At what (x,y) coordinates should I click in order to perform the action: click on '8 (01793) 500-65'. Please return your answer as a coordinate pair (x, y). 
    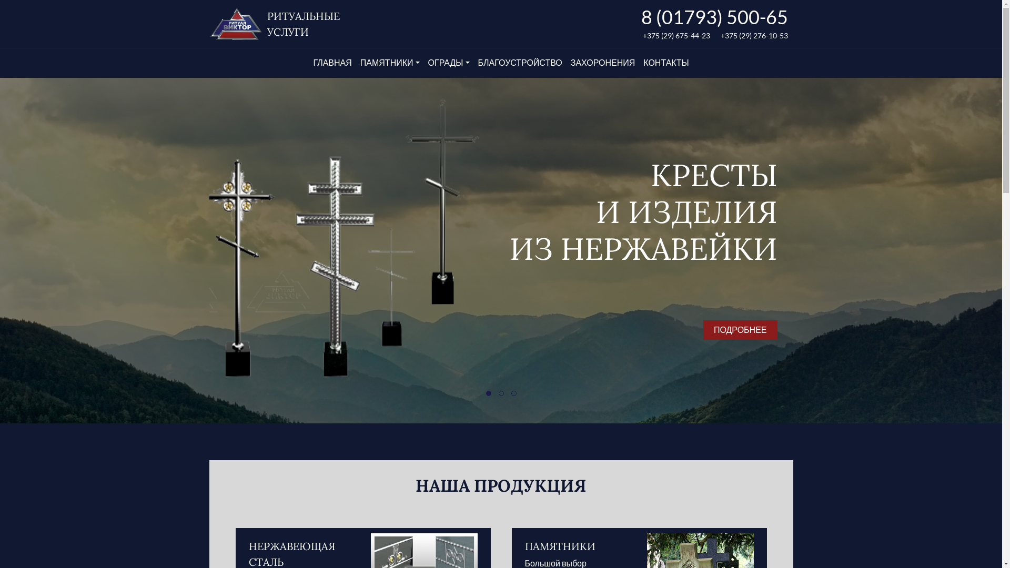
    Looking at the image, I should click on (714, 16).